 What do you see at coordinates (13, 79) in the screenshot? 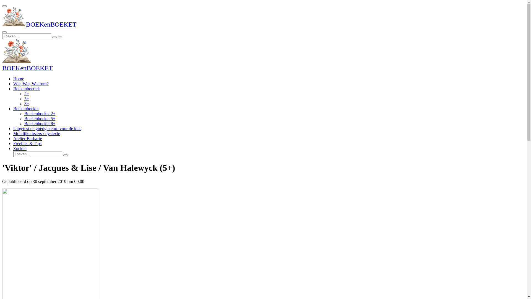
I see `'Home'` at bounding box center [13, 79].